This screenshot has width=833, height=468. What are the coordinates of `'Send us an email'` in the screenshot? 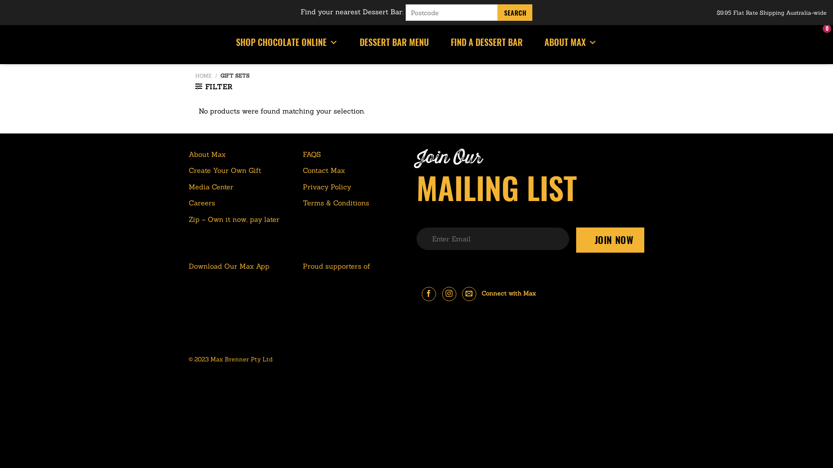 It's located at (462, 293).